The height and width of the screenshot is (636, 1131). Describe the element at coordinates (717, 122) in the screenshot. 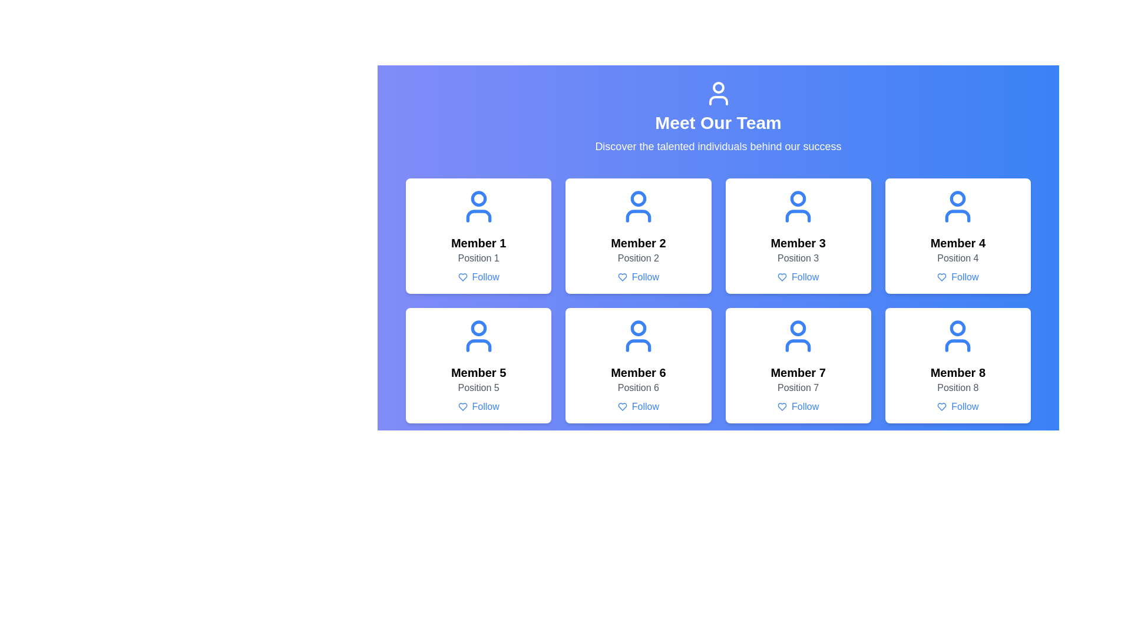

I see `the text label that serves as a title for the section introducing team members, which is centrally aligned and positioned below a user icon` at that location.